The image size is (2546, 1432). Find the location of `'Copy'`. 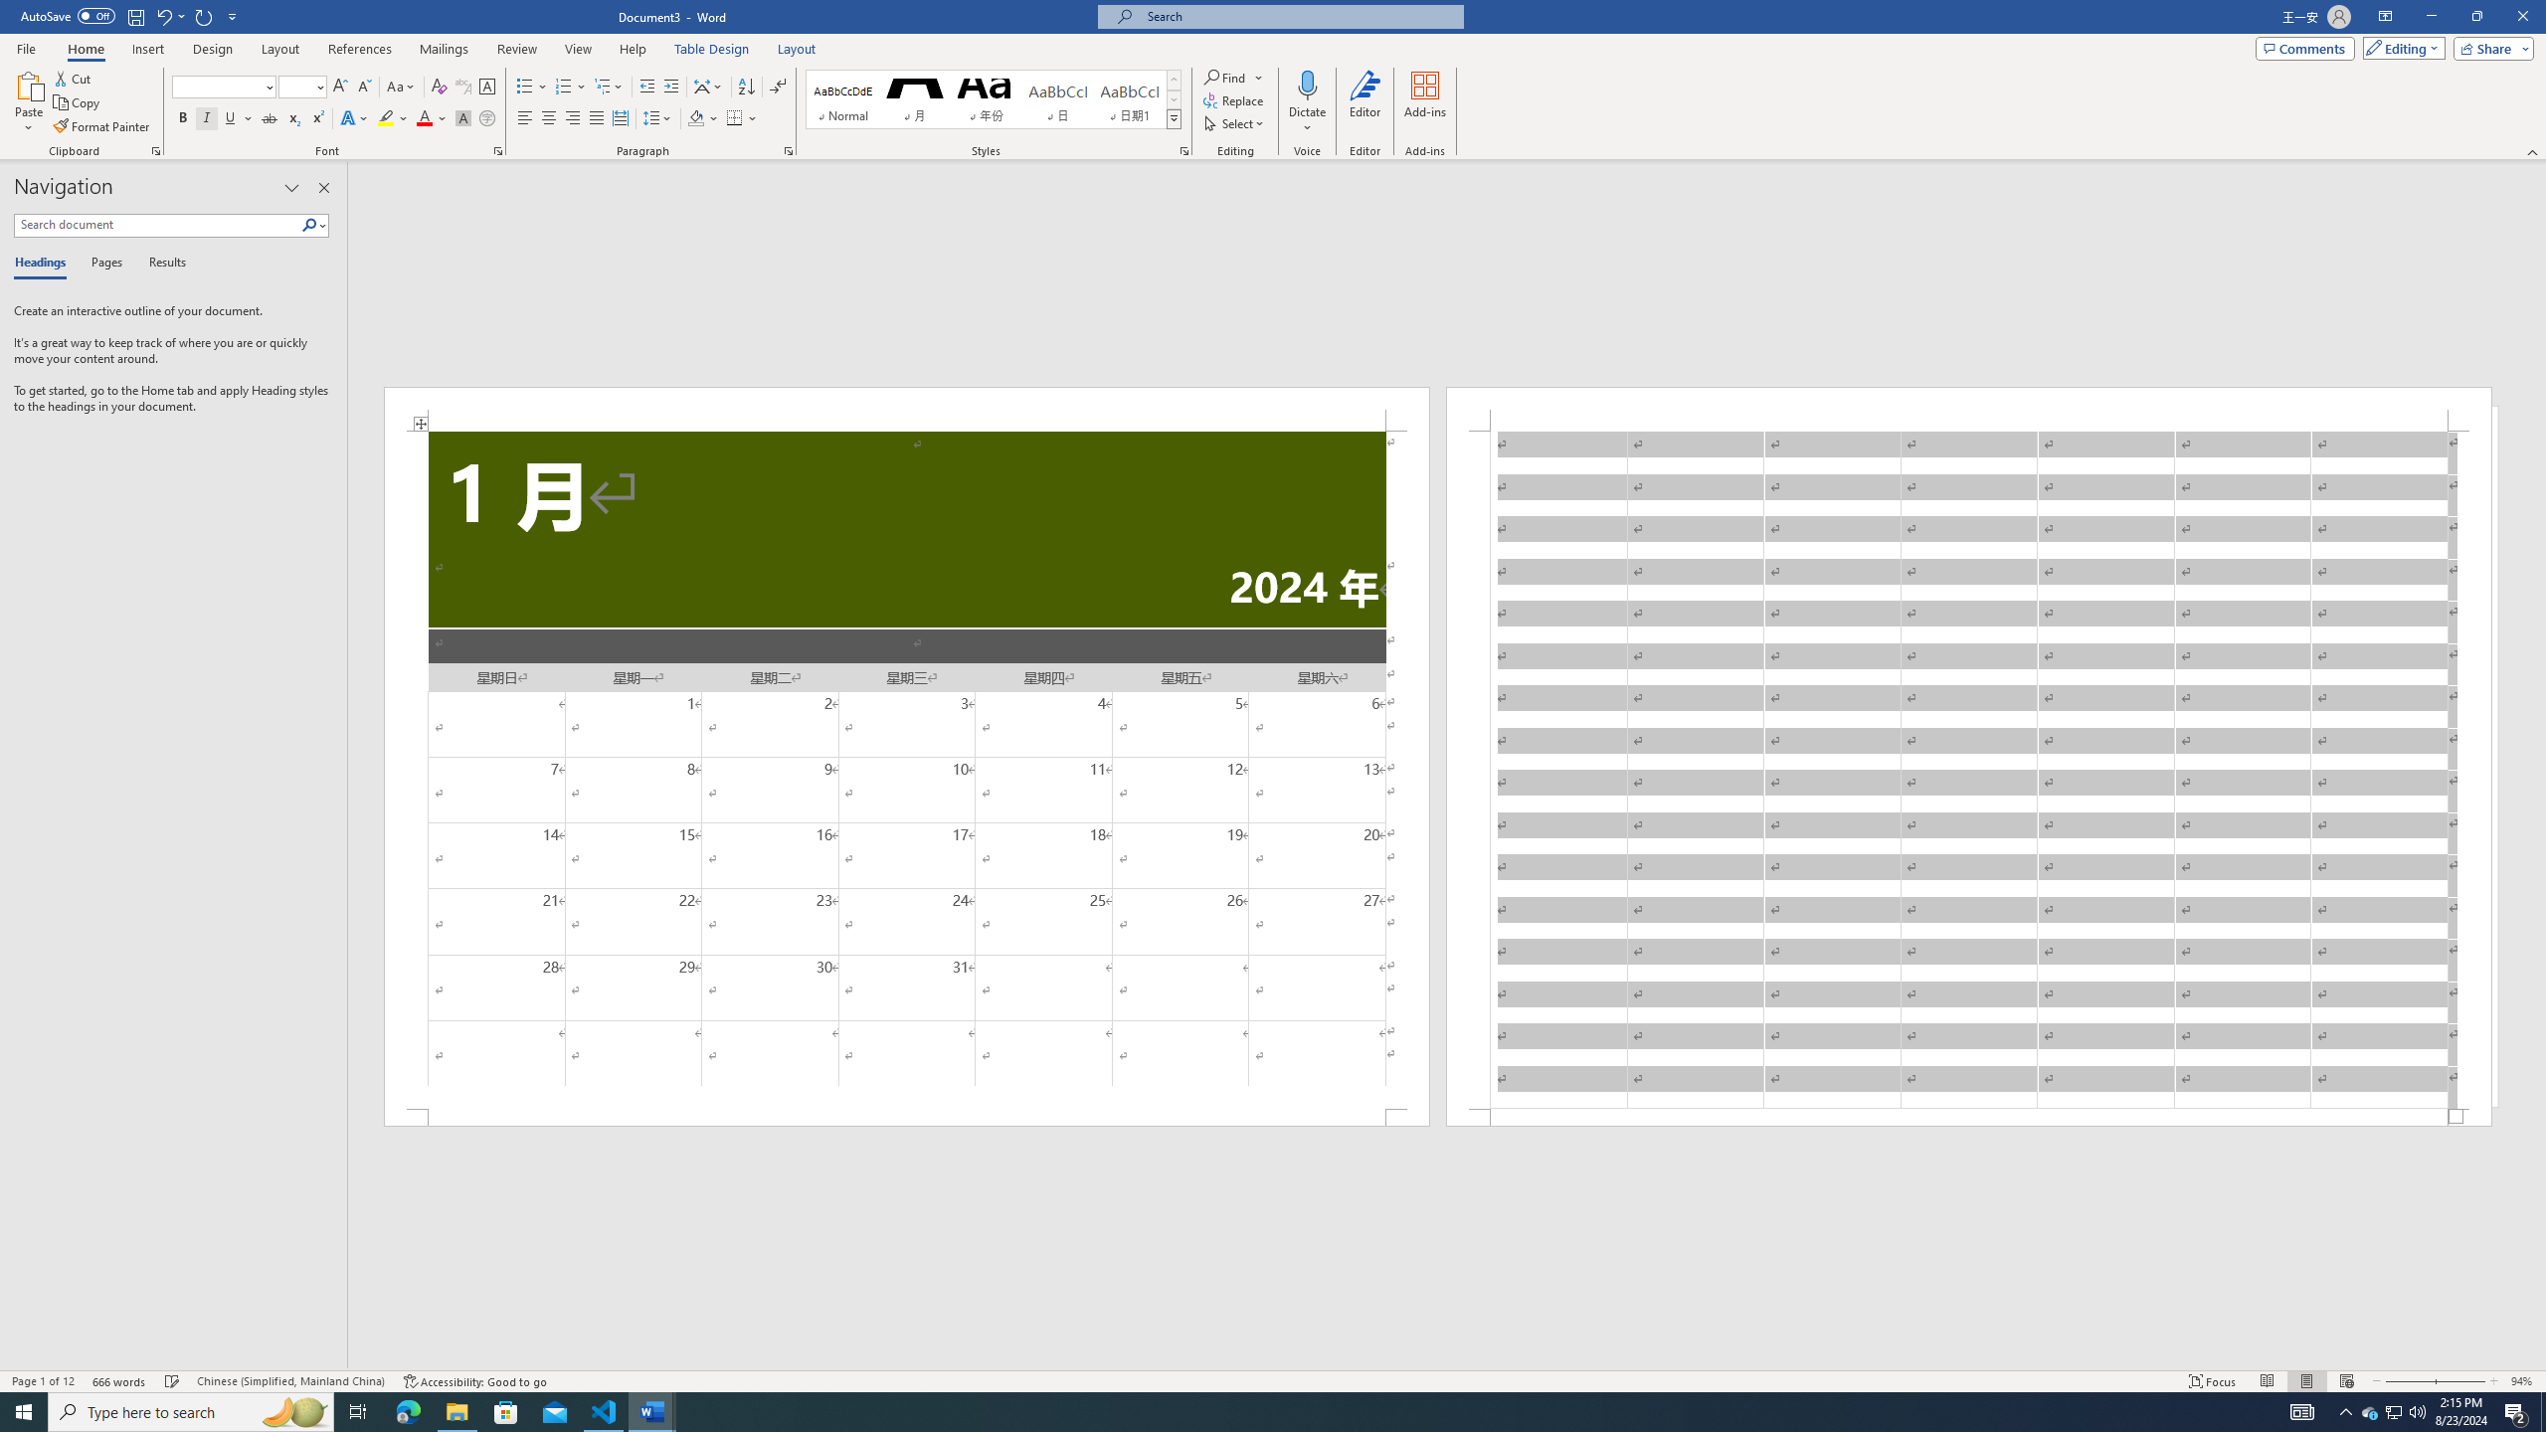

'Copy' is located at coordinates (78, 102).